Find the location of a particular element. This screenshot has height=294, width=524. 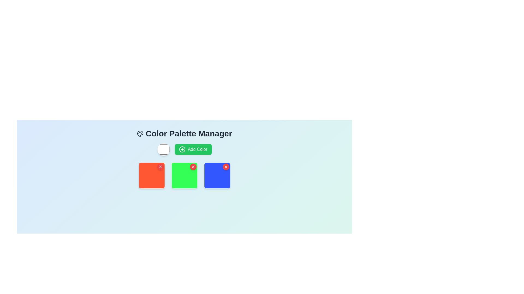

the green 'Add Color' button with rounded corners, which contains the white text 'Add Color' and an icon resembling a circle with a plus sign is located at coordinates (184, 149).